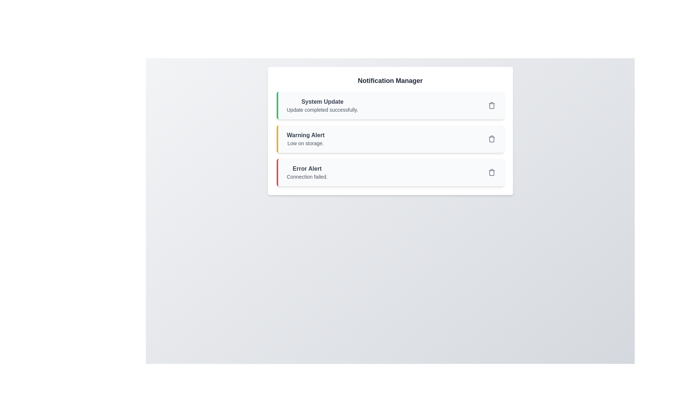  Describe the element at coordinates (491, 105) in the screenshot. I see `the trash can icon button located in the top notification card titled 'System Update'` at that location.